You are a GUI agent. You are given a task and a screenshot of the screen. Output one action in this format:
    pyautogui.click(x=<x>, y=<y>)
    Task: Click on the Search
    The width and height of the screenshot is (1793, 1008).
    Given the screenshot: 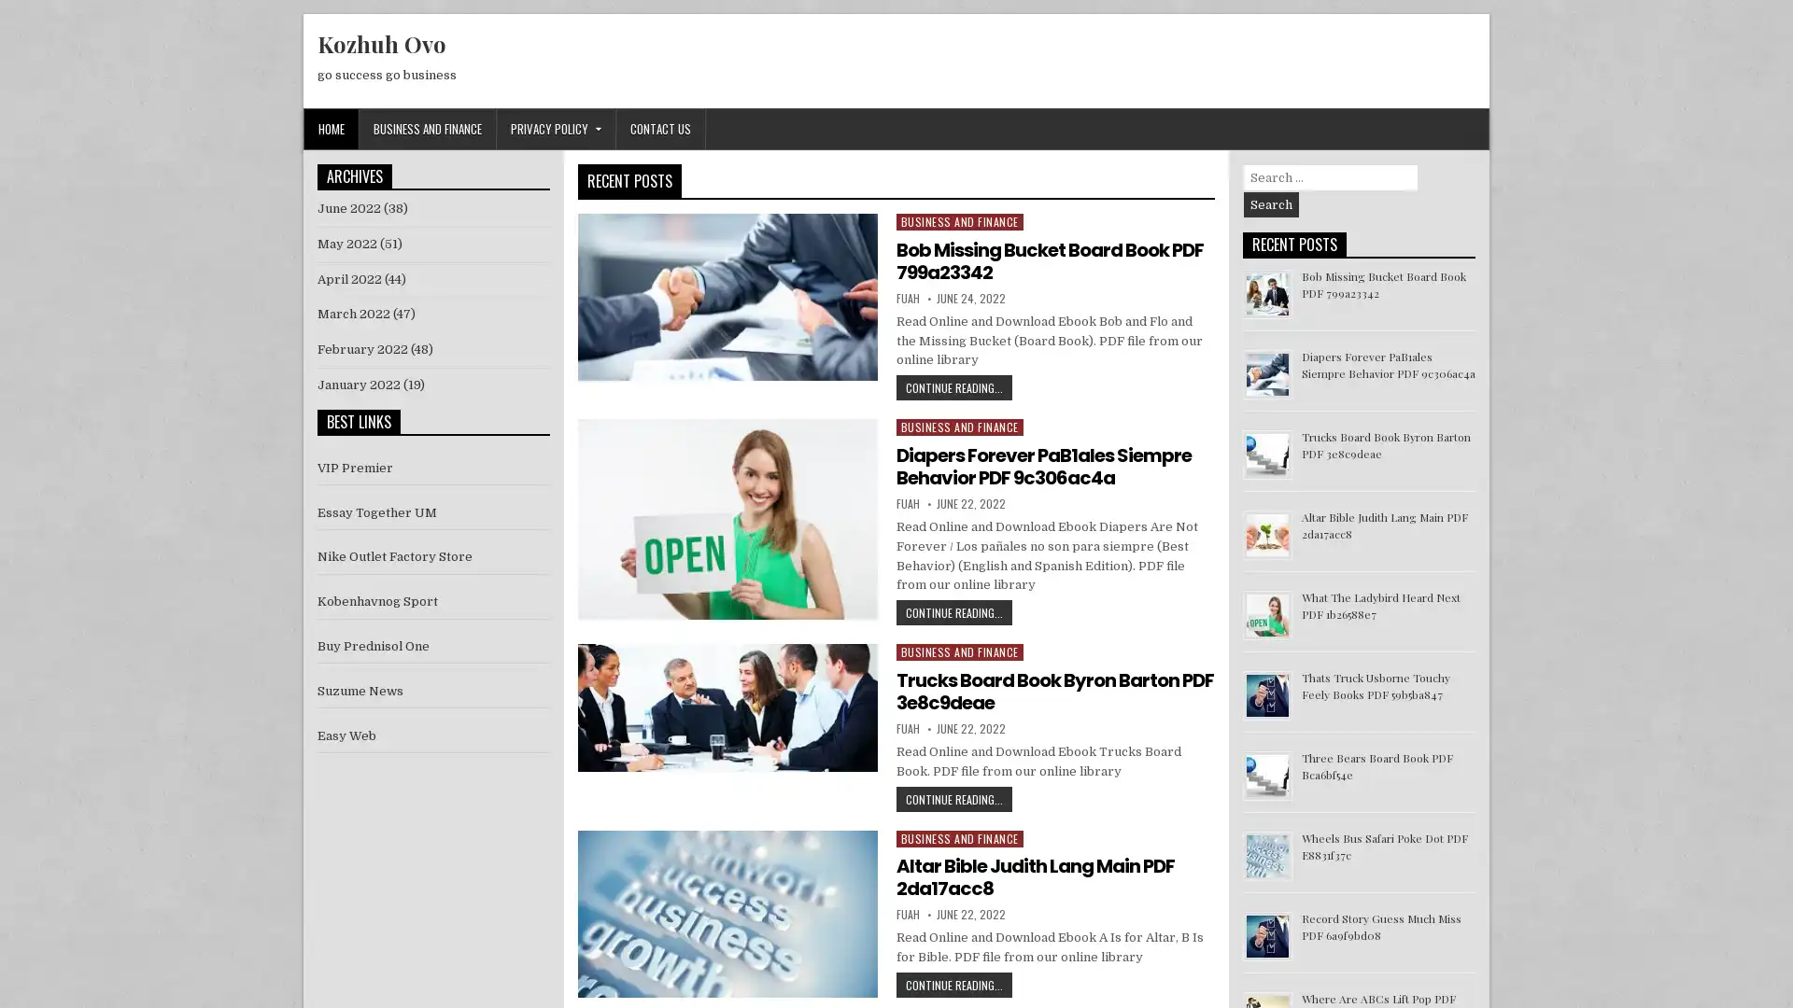 What is the action you would take?
    pyautogui.click(x=1270, y=204)
    